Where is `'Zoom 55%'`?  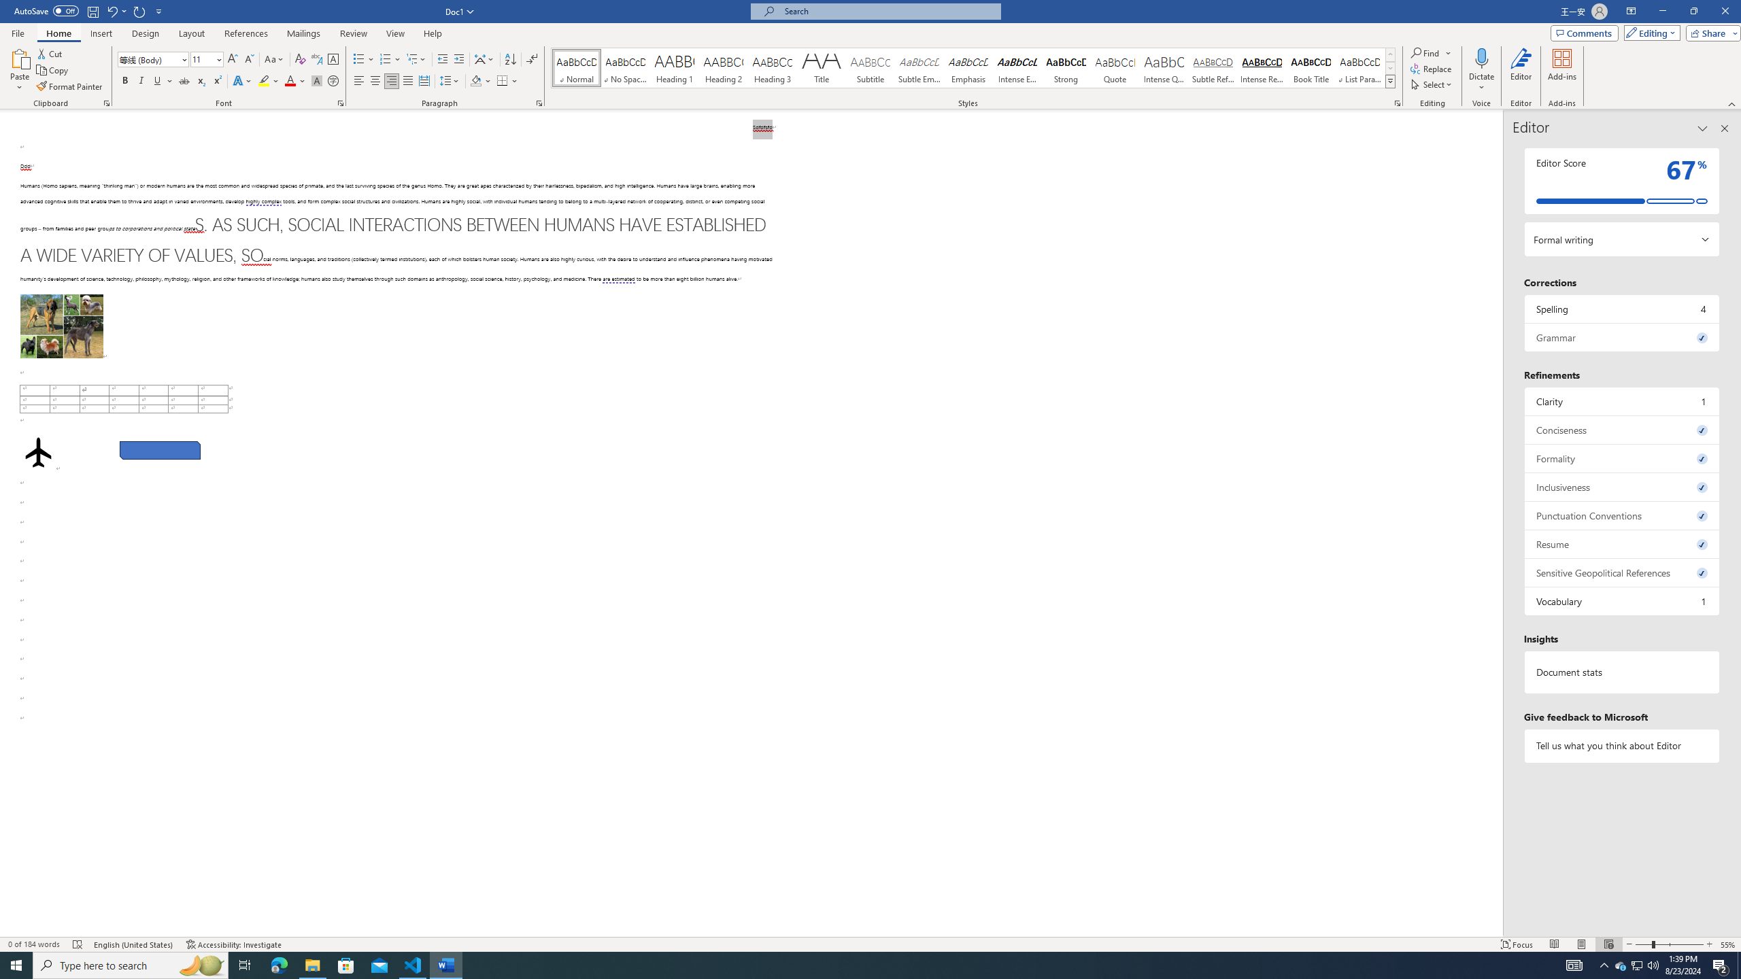 'Zoom 55%' is located at coordinates (1728, 944).